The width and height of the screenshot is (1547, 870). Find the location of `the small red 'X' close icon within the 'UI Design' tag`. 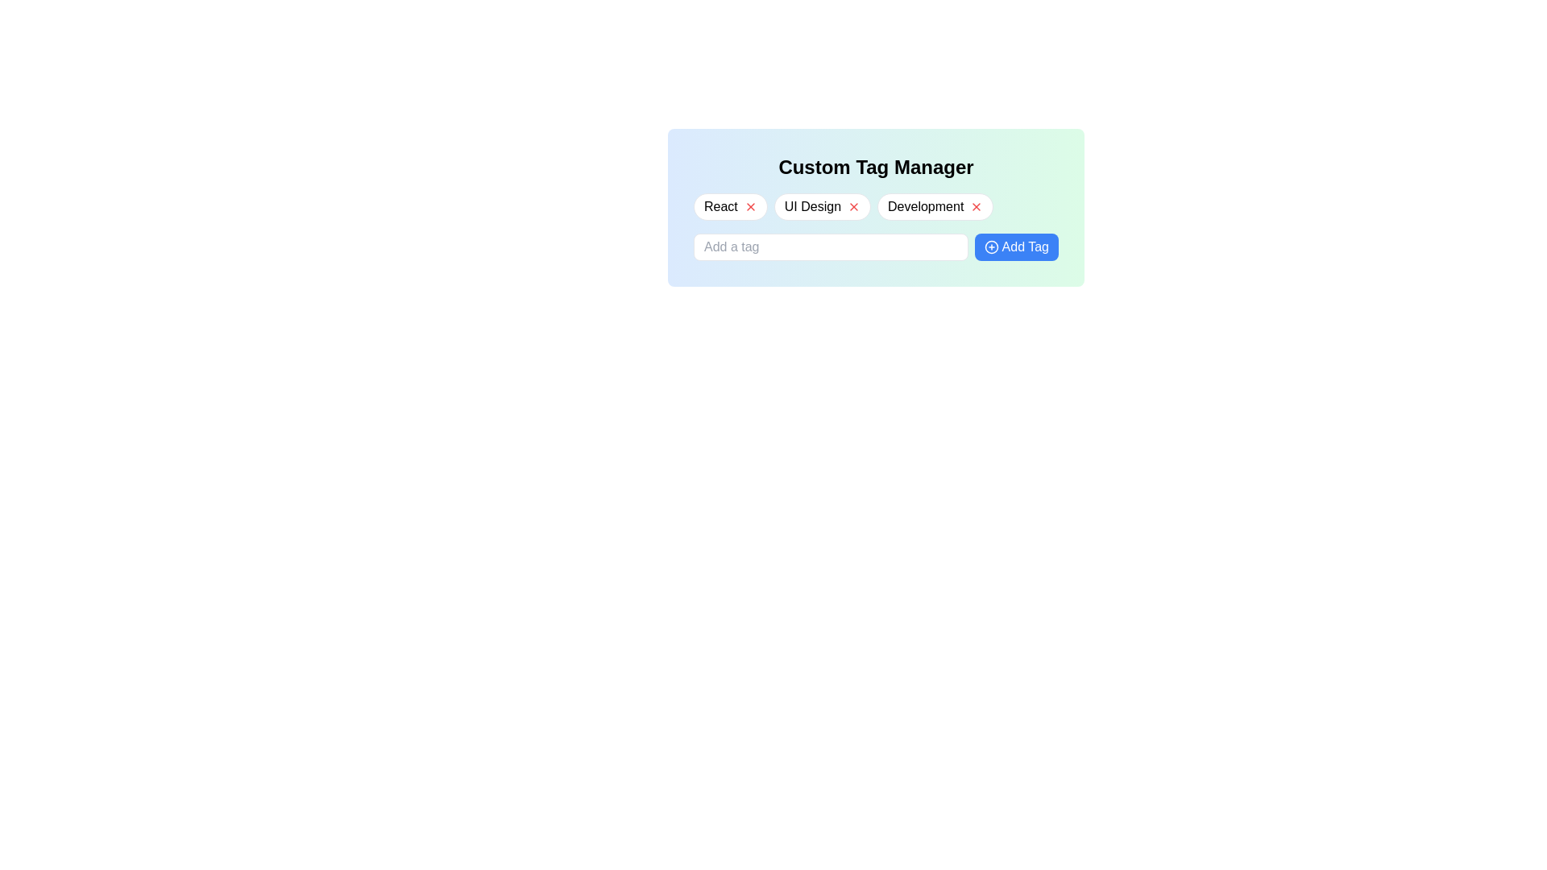

the small red 'X' close icon within the 'UI Design' tag is located at coordinates (853, 206).